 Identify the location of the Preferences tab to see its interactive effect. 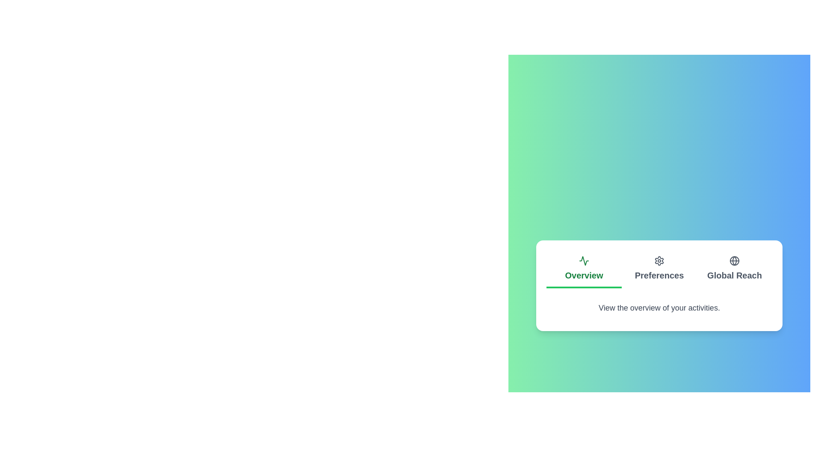
(659, 269).